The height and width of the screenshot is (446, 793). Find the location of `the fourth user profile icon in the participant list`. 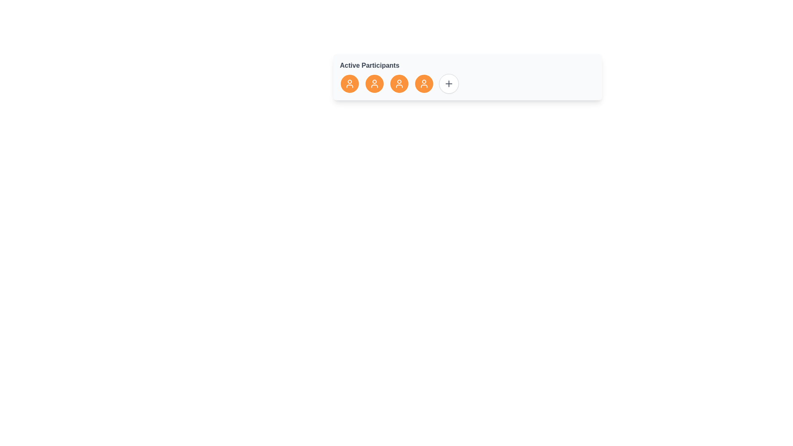

the fourth user profile icon in the participant list is located at coordinates (399, 84).